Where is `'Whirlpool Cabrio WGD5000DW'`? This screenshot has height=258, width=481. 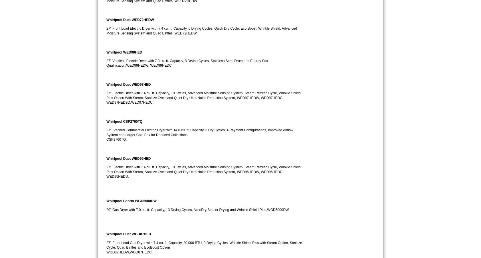
'Whirlpool Cabrio WGD5000DW' is located at coordinates (131, 201).